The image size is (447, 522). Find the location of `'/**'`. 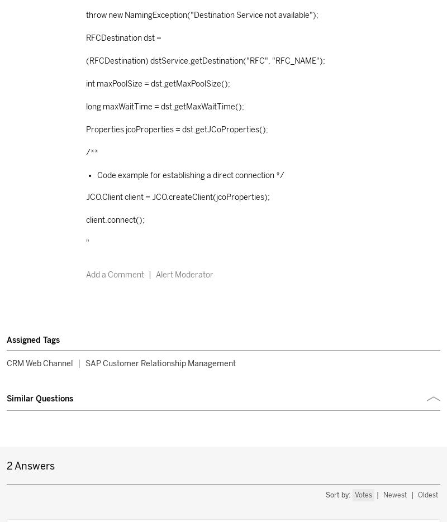

'/**' is located at coordinates (92, 151).